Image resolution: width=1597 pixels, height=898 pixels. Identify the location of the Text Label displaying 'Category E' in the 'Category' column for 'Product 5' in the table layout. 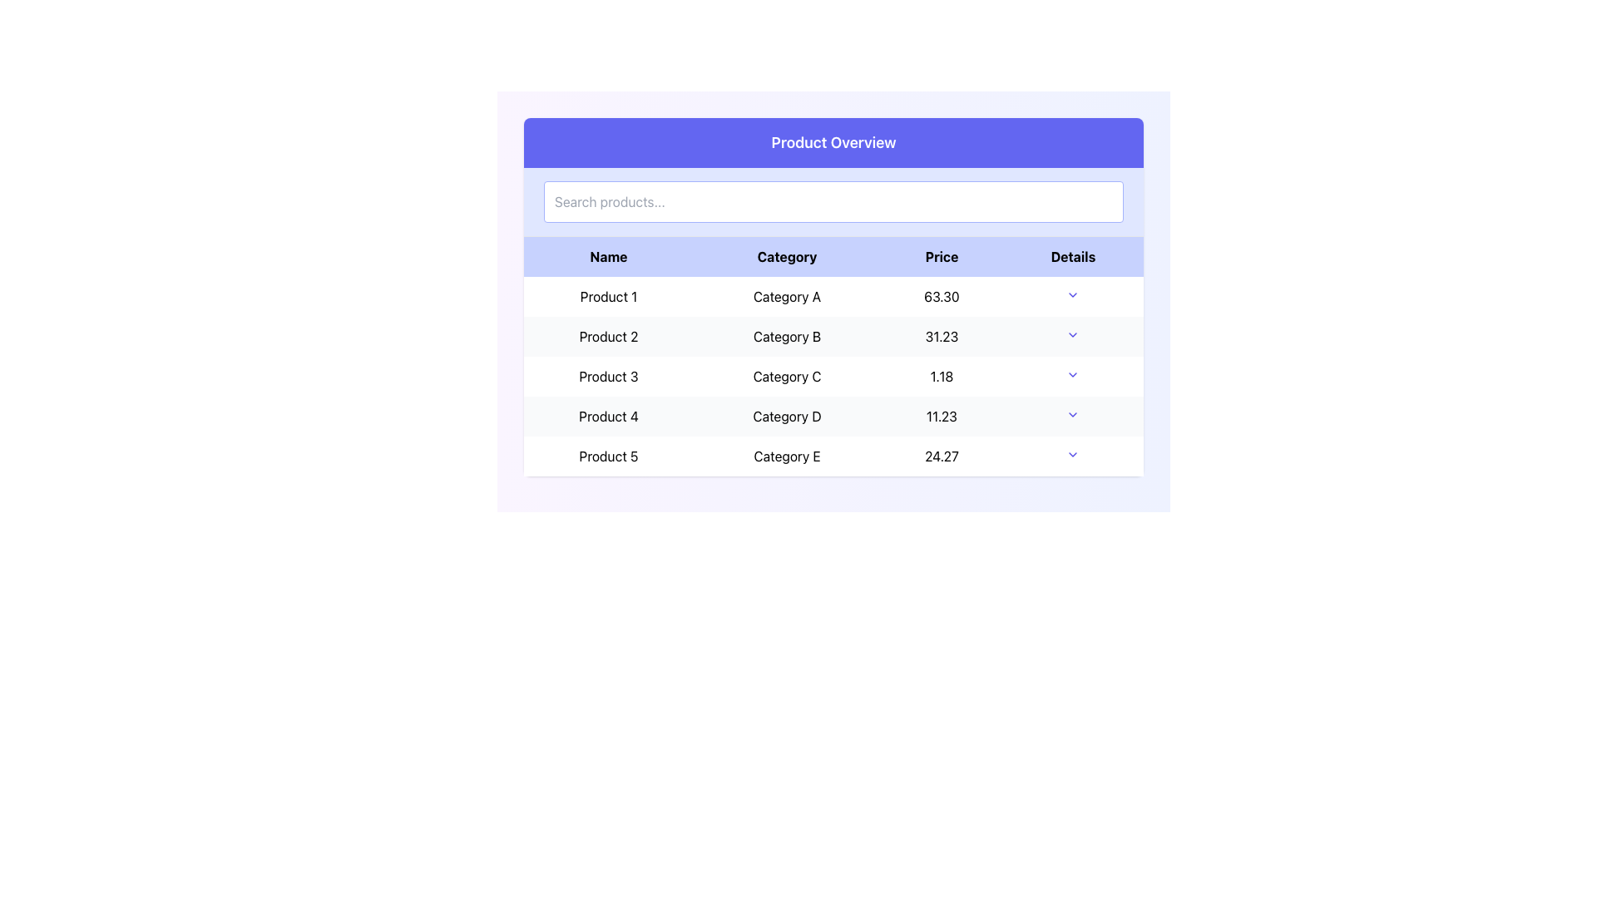
(786, 456).